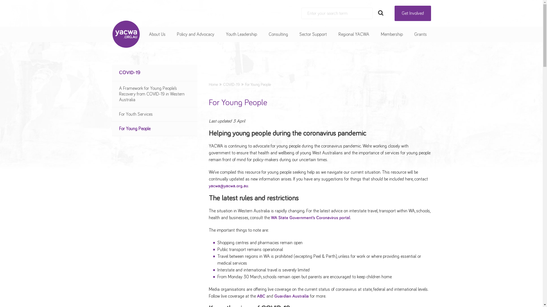  What do you see at coordinates (154, 114) in the screenshot?
I see `'For Youth Services'` at bounding box center [154, 114].